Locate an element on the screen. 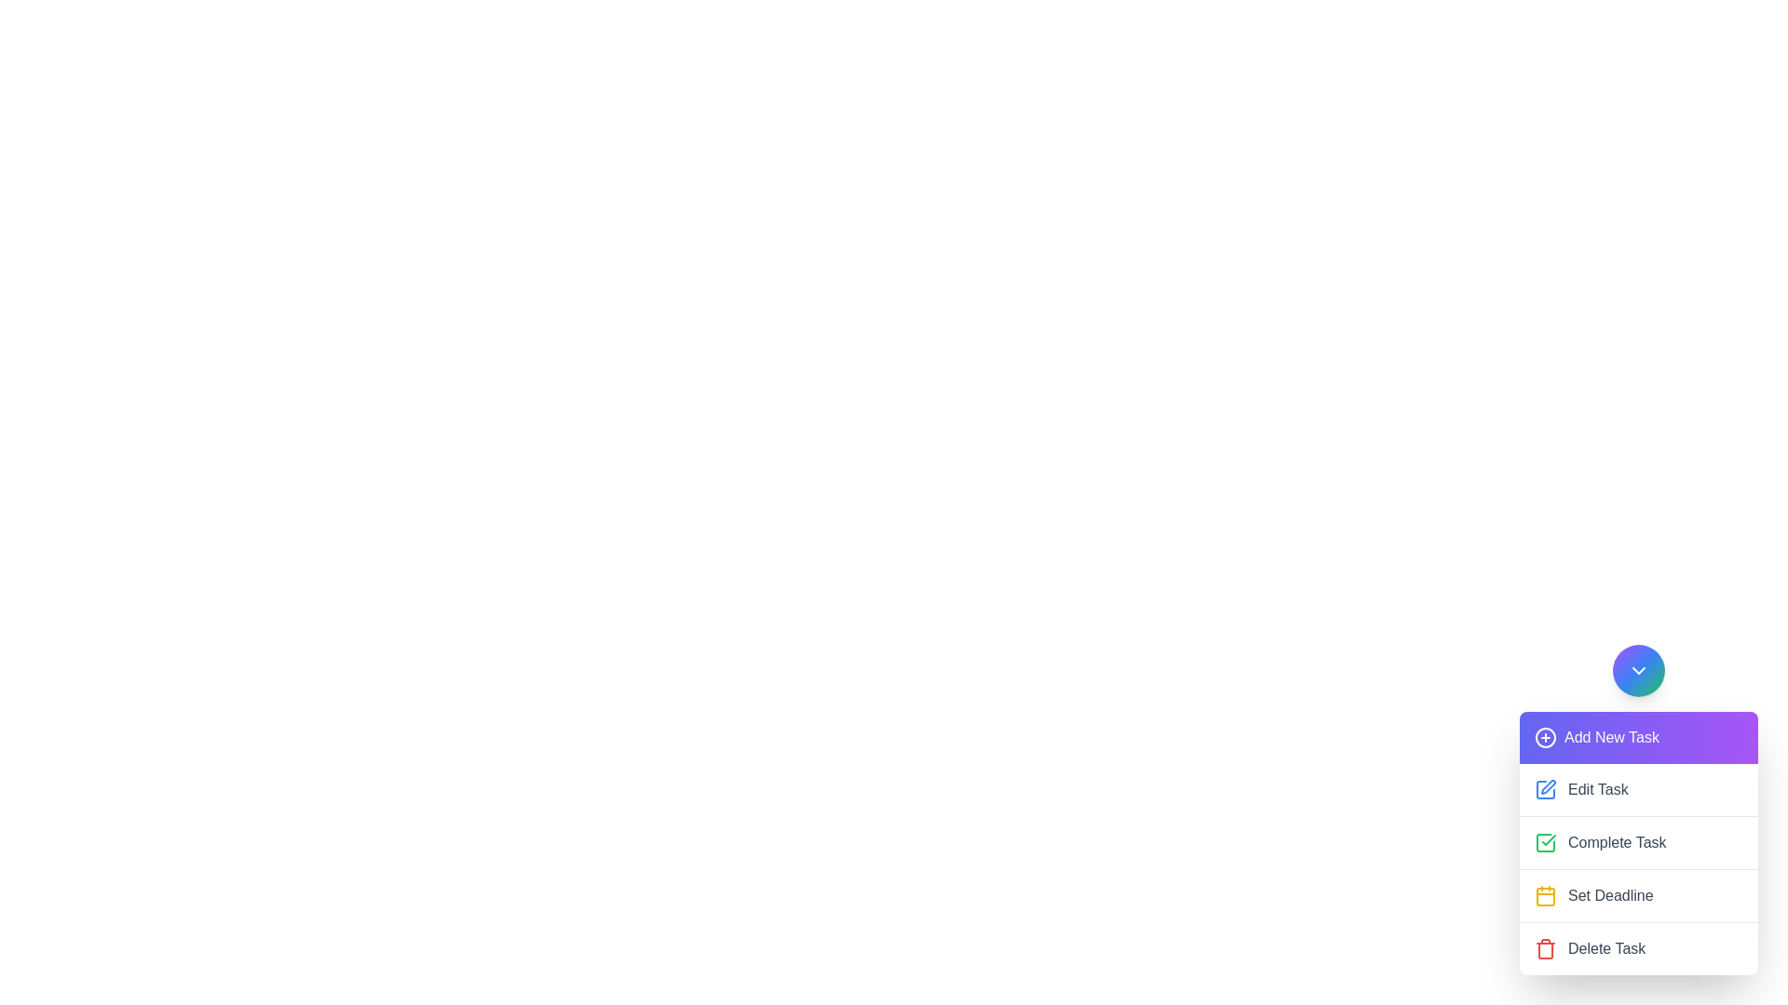 The width and height of the screenshot is (1788, 1005). the 'Edit Task' text label in the drop-down menu, which is the second item below 'Add New Task' and above 'Complete Task', and is visually identified by the pen icon adjacent to it is located at coordinates (1597, 789).